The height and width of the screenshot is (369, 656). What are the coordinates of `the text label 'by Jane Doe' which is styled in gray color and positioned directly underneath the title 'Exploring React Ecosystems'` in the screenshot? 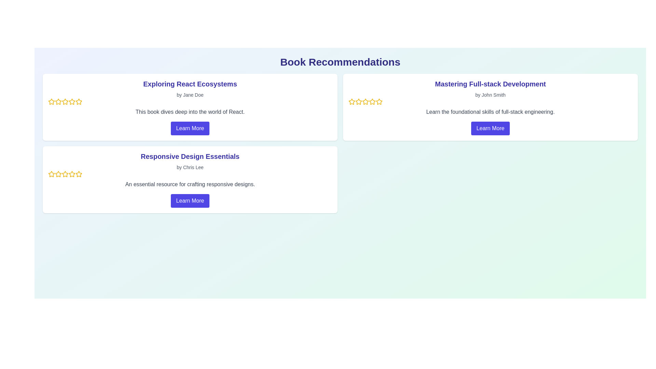 It's located at (190, 95).